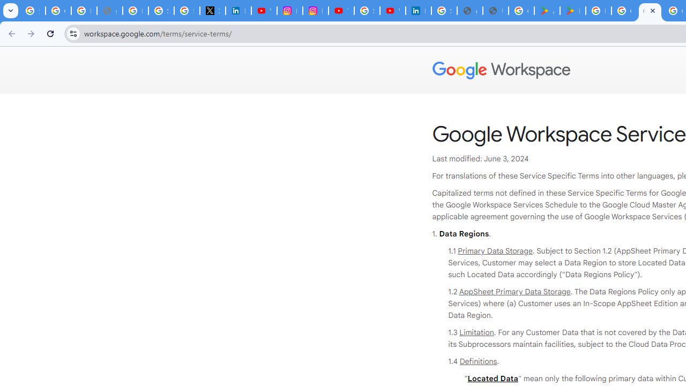 Image resolution: width=686 pixels, height=386 pixels. I want to click on 'X', so click(212, 11).